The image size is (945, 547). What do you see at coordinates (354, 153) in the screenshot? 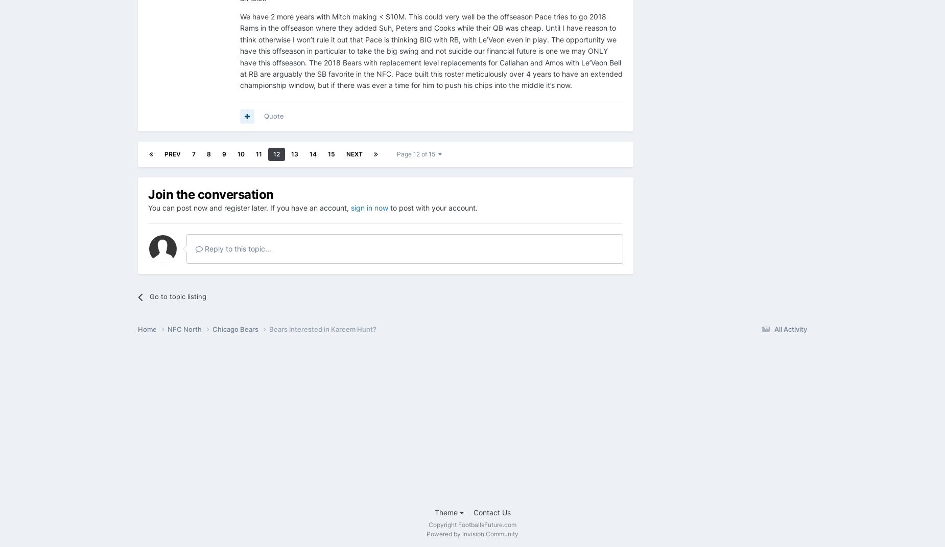
I see `'Next'` at bounding box center [354, 153].